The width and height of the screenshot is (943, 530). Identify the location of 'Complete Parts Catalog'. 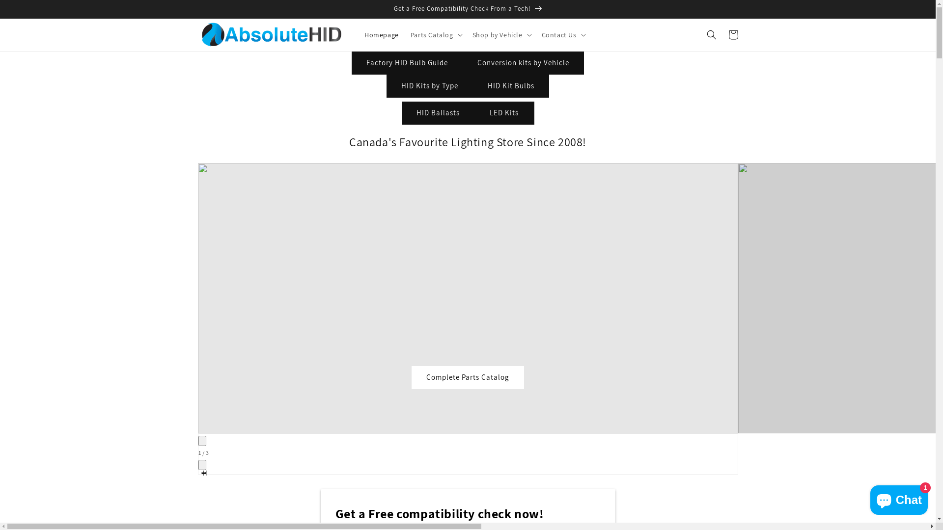
(467, 377).